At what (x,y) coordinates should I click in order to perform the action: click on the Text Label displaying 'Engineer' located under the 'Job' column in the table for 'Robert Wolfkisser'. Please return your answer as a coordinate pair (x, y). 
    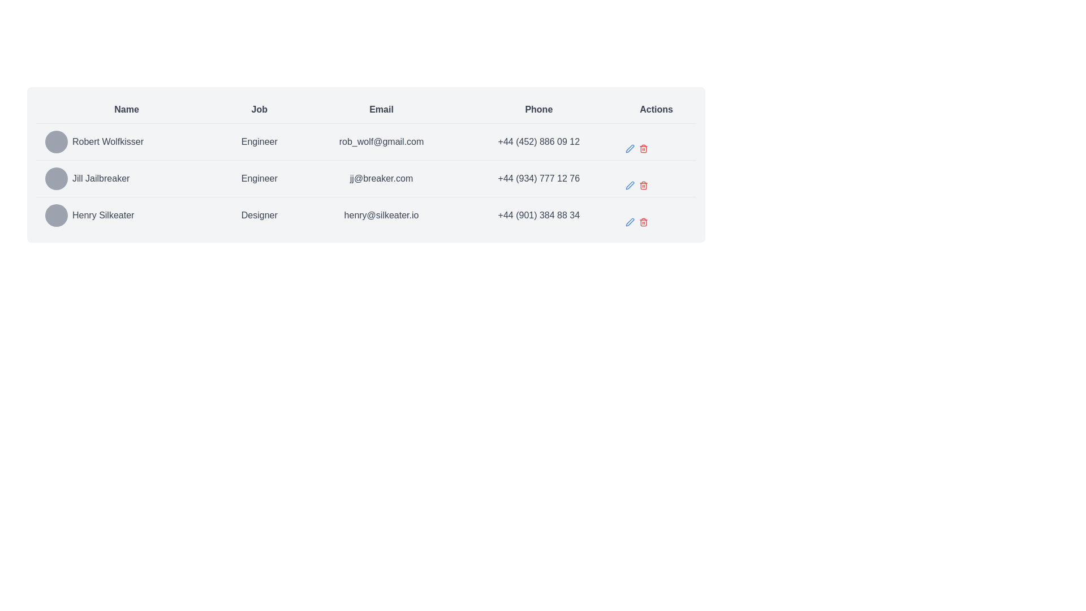
    Looking at the image, I should click on (258, 141).